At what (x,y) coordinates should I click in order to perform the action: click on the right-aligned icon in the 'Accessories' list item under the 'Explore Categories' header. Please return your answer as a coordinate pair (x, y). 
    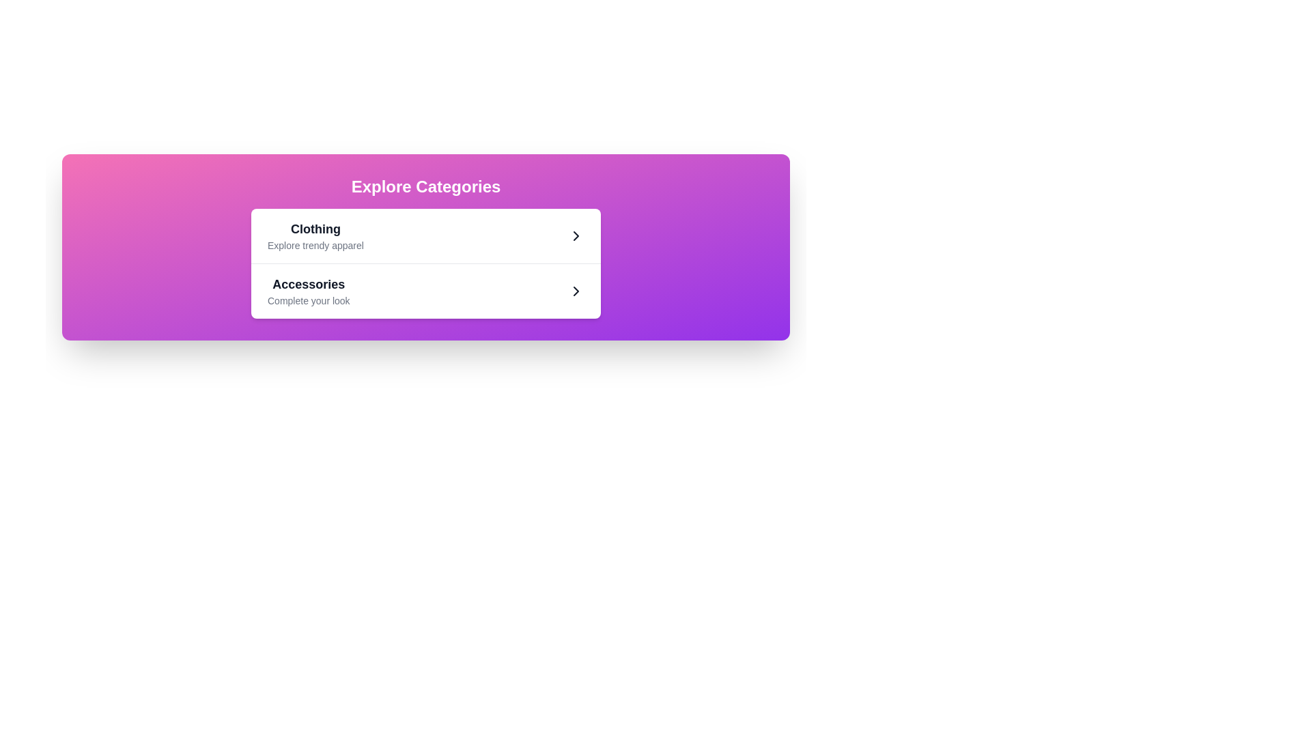
    Looking at the image, I should click on (576, 291).